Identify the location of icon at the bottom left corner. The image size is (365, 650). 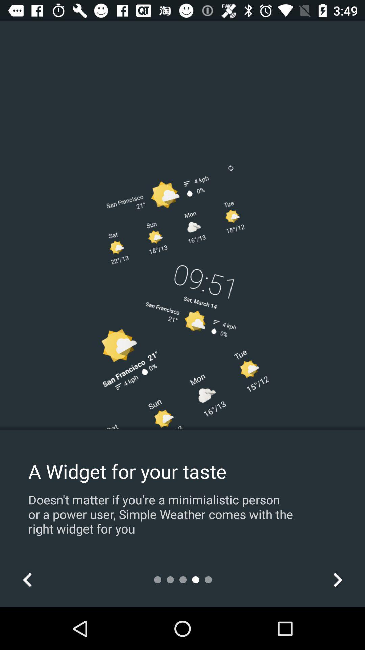
(27, 579).